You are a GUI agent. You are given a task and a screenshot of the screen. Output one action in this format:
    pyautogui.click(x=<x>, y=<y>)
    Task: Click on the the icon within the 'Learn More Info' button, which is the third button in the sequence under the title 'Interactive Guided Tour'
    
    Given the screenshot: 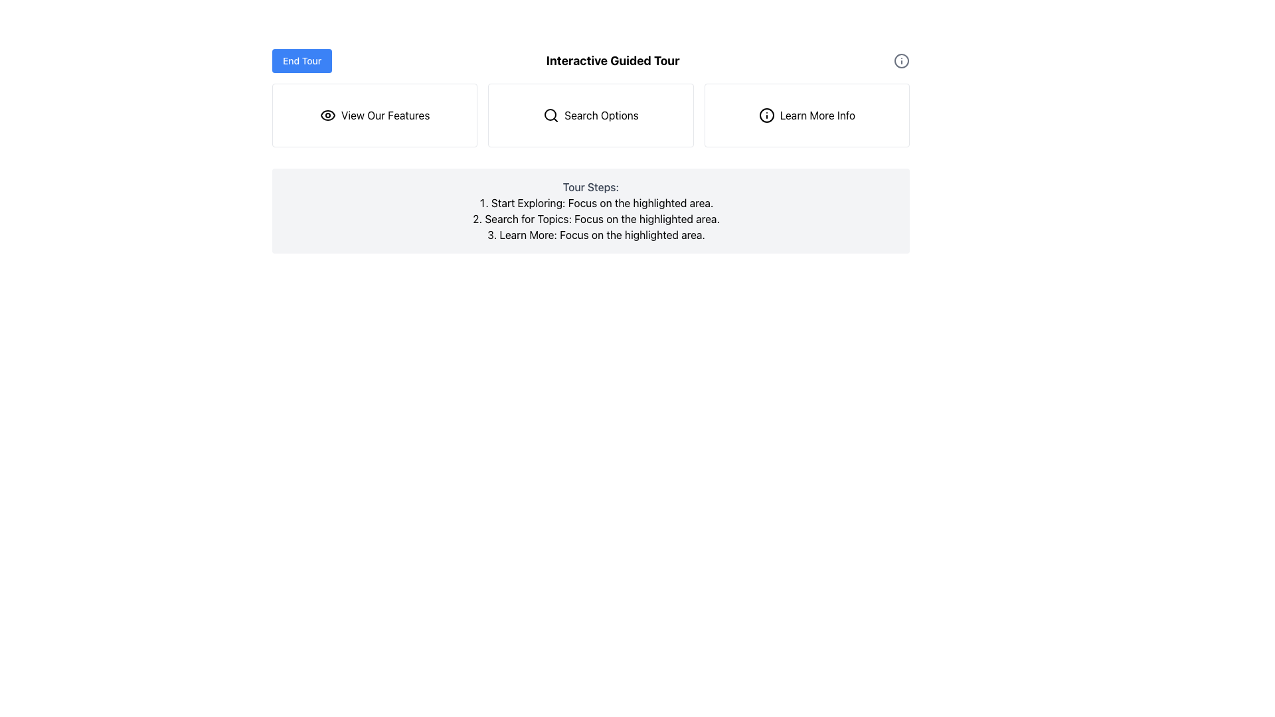 What is the action you would take?
    pyautogui.click(x=766, y=114)
    